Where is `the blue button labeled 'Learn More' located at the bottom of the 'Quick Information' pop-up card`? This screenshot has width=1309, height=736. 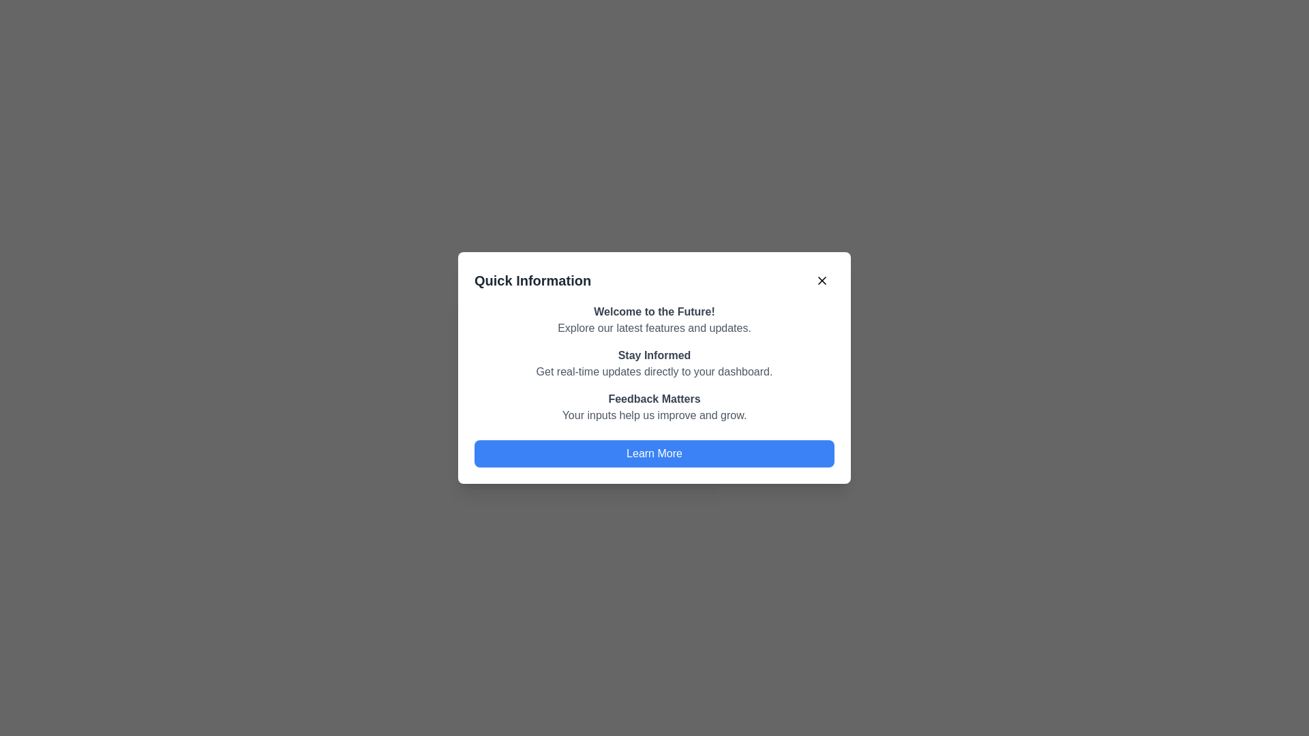
the blue button labeled 'Learn More' located at the bottom of the 'Quick Information' pop-up card is located at coordinates (654, 454).